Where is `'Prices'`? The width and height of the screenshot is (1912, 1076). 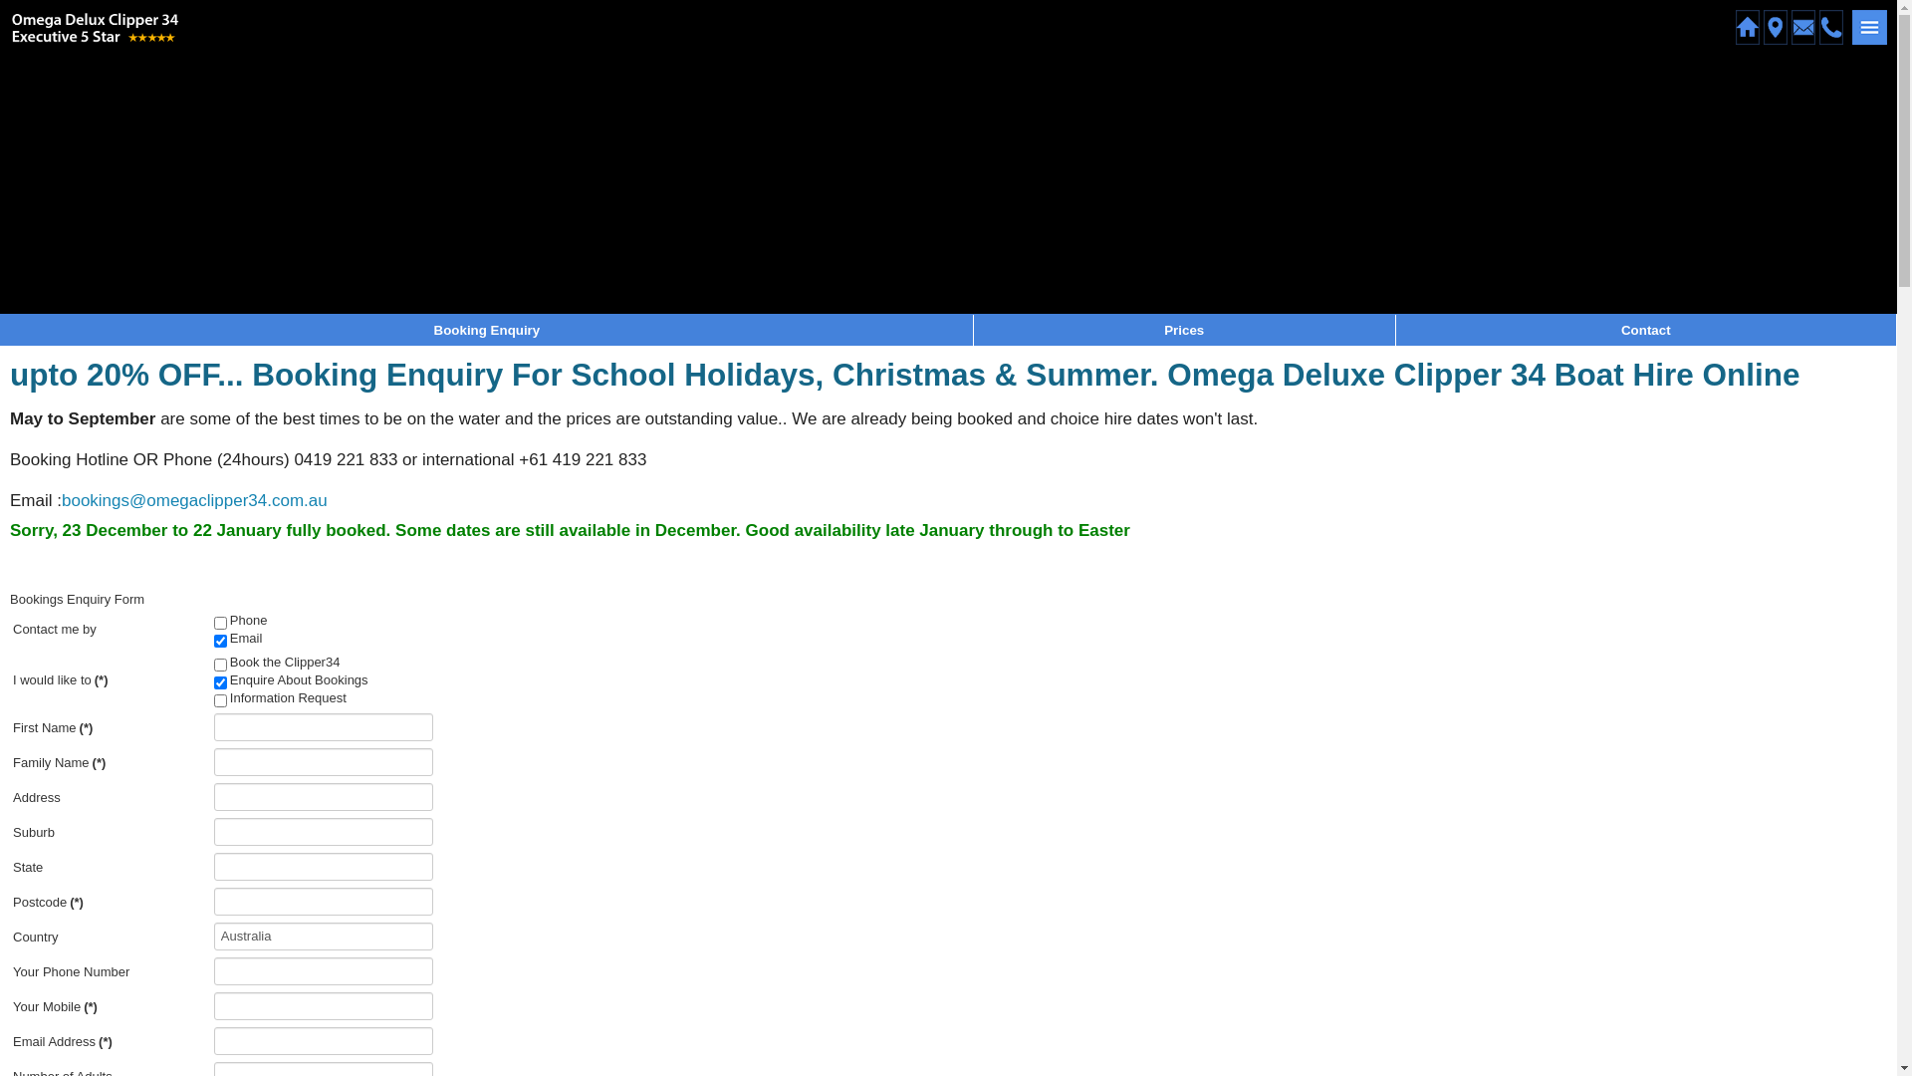
'Prices' is located at coordinates (1184, 329).